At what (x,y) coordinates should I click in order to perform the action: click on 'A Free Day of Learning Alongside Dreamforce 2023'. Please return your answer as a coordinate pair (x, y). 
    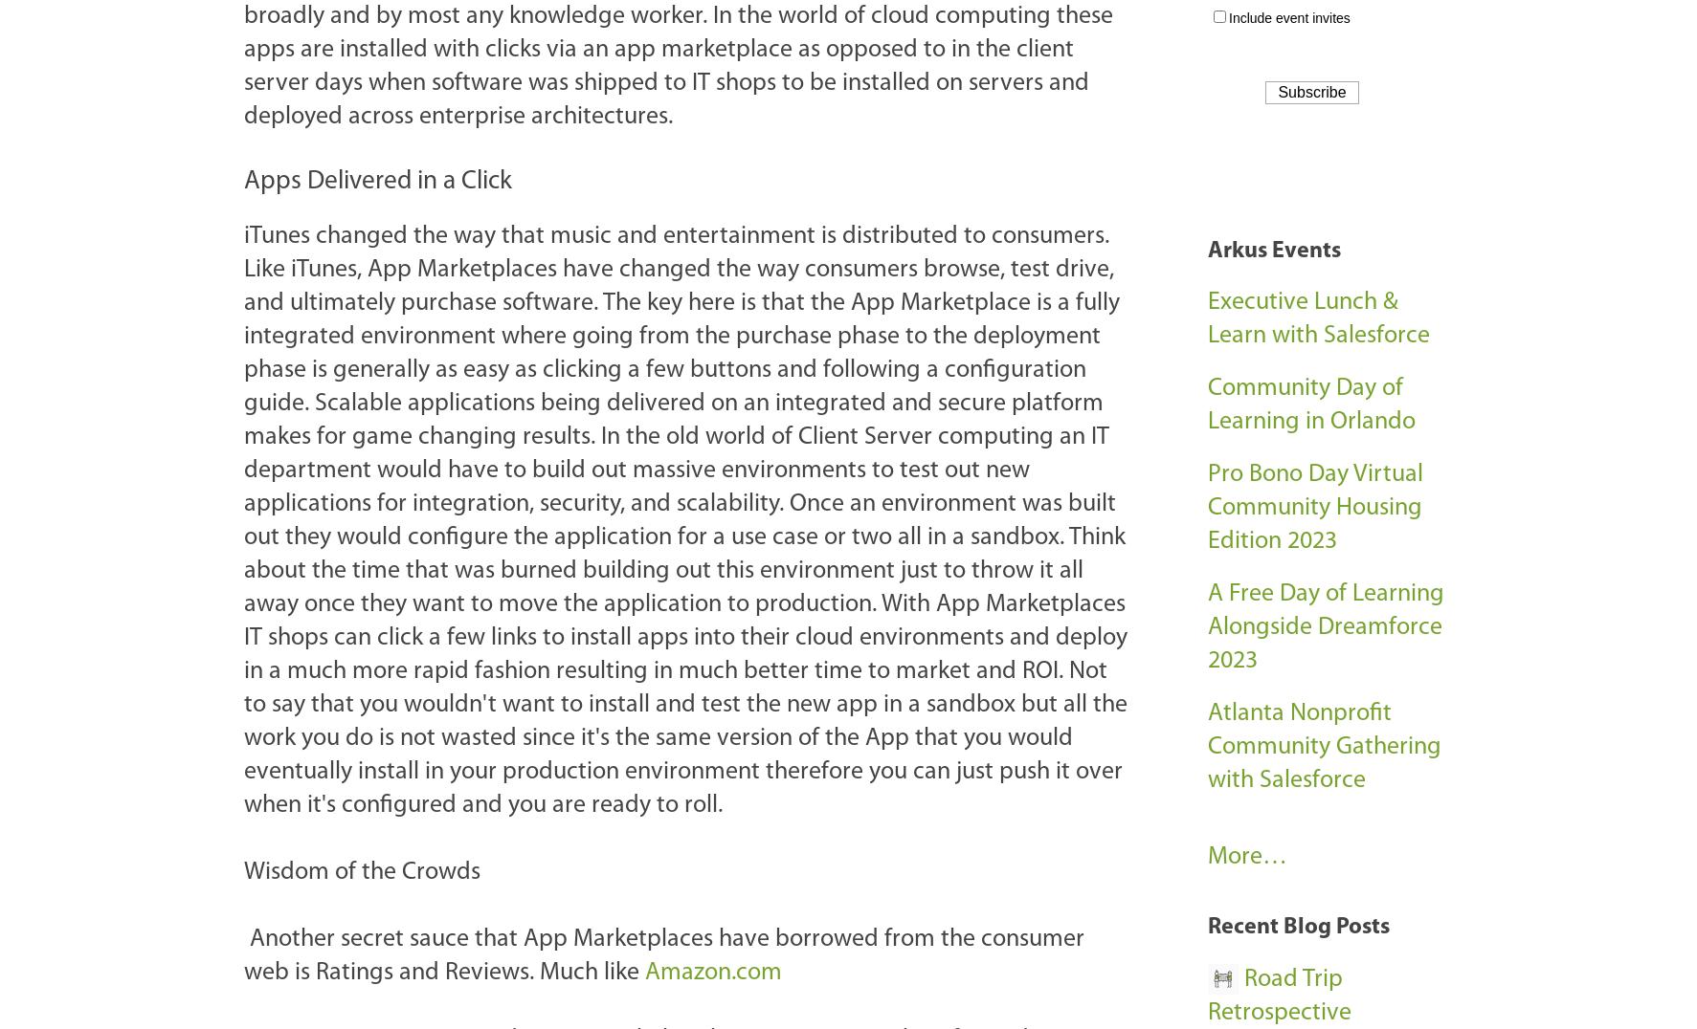
    Looking at the image, I should click on (1325, 626).